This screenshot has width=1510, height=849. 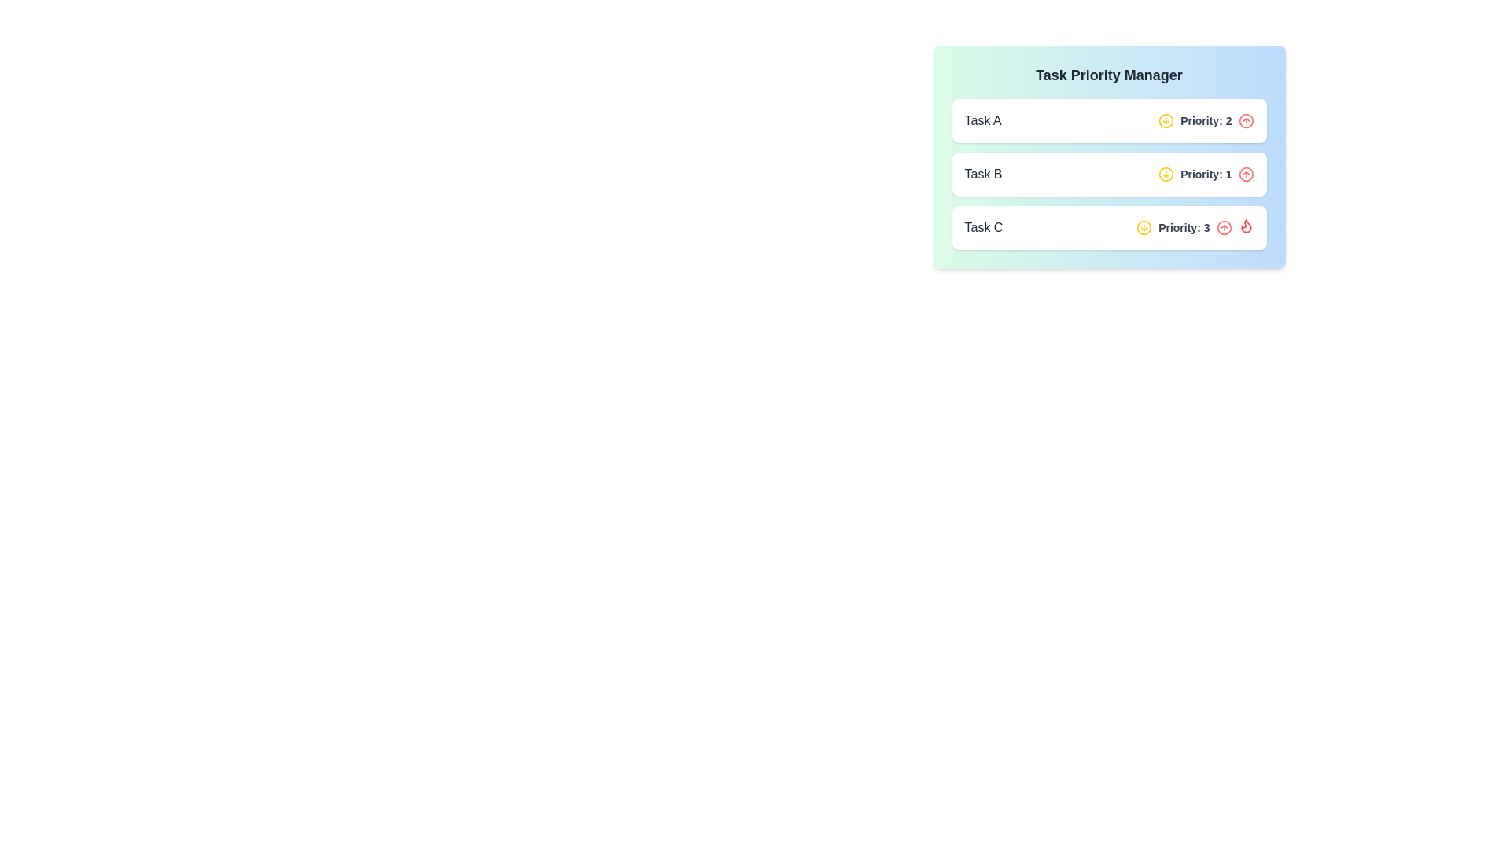 I want to click on the static text 'Priority: 1' which is styled in bold gray and accompanied by yellow and red icons on either side, located in the second row of the 'Task Priority Manager' for 'Task B', so click(x=1205, y=175).